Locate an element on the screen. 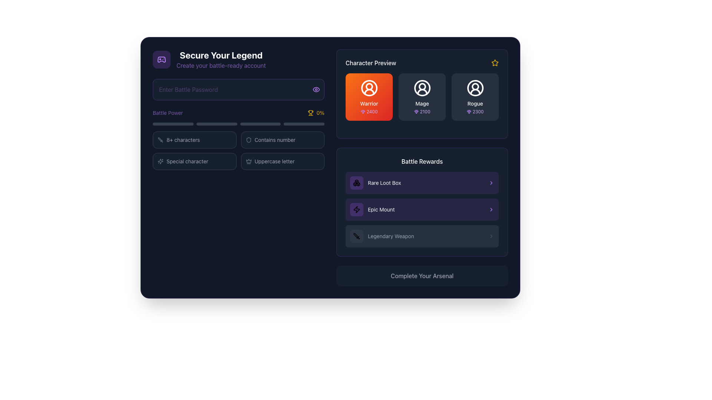  the label displaying 'Contains number' in a small, light gray font located under the 'Battle Power' label, positioned to the right of a circular icon is located at coordinates (274, 140).